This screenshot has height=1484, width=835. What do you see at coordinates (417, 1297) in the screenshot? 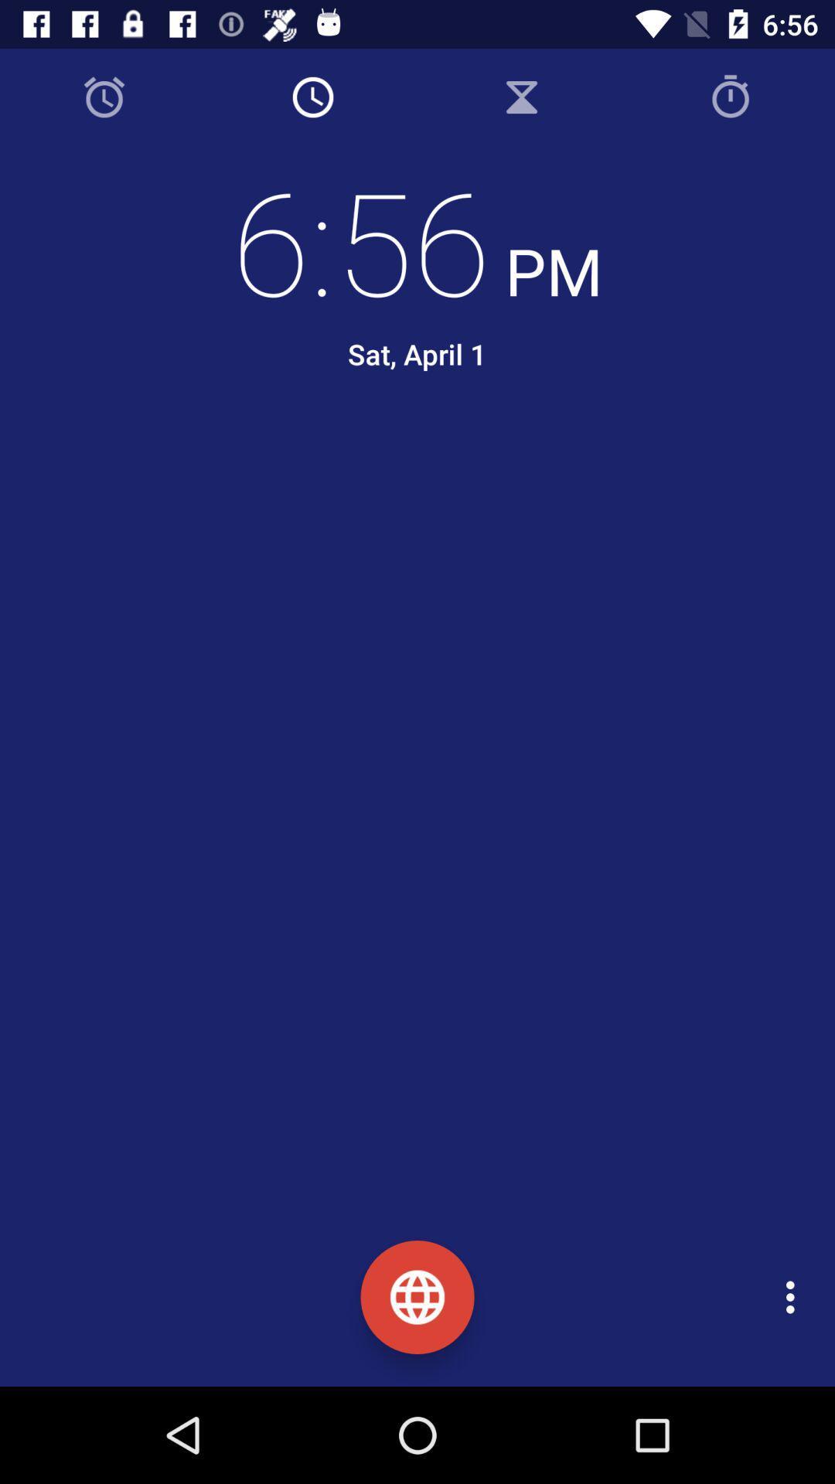
I see `the globe icon` at bounding box center [417, 1297].